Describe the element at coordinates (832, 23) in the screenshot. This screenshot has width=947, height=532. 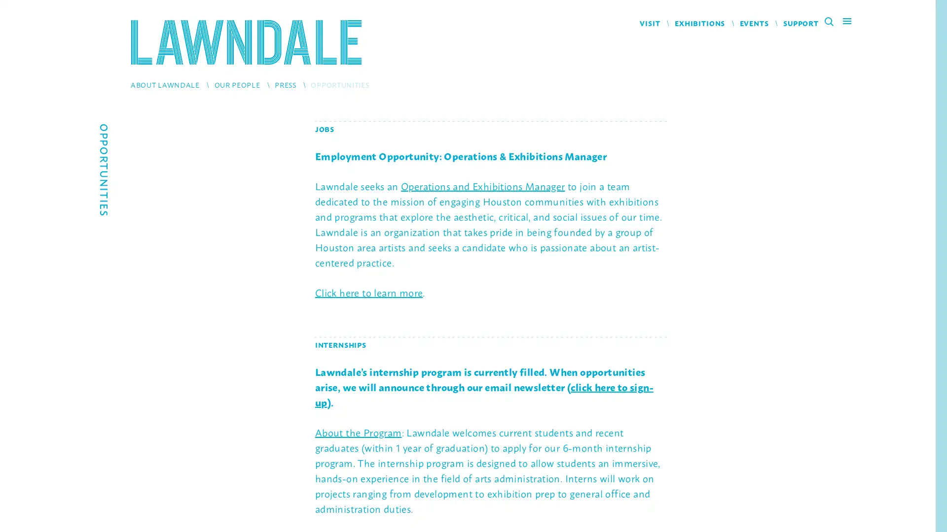
I see `Search` at that location.